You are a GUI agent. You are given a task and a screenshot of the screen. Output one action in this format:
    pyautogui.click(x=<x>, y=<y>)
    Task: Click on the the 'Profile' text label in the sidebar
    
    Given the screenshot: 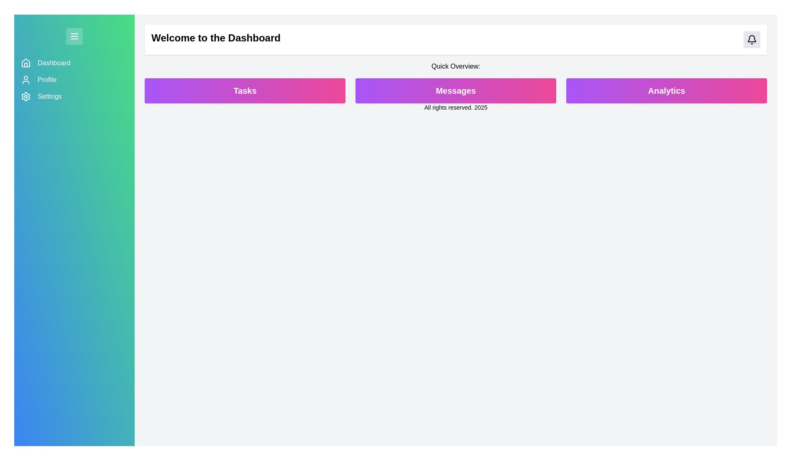 What is the action you would take?
    pyautogui.click(x=46, y=80)
    